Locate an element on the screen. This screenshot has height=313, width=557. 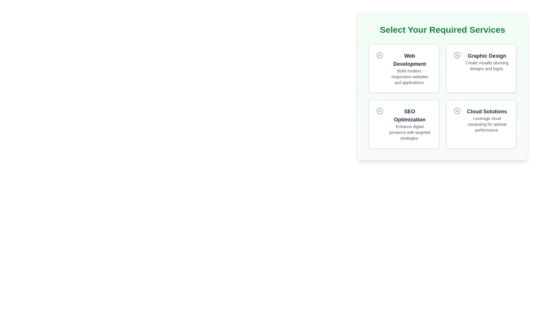
the textual details of the Informational card titled 'Web Development' which is the top-left card in the grid of options labeled 'Select Your Required Services' is located at coordinates (409, 68).